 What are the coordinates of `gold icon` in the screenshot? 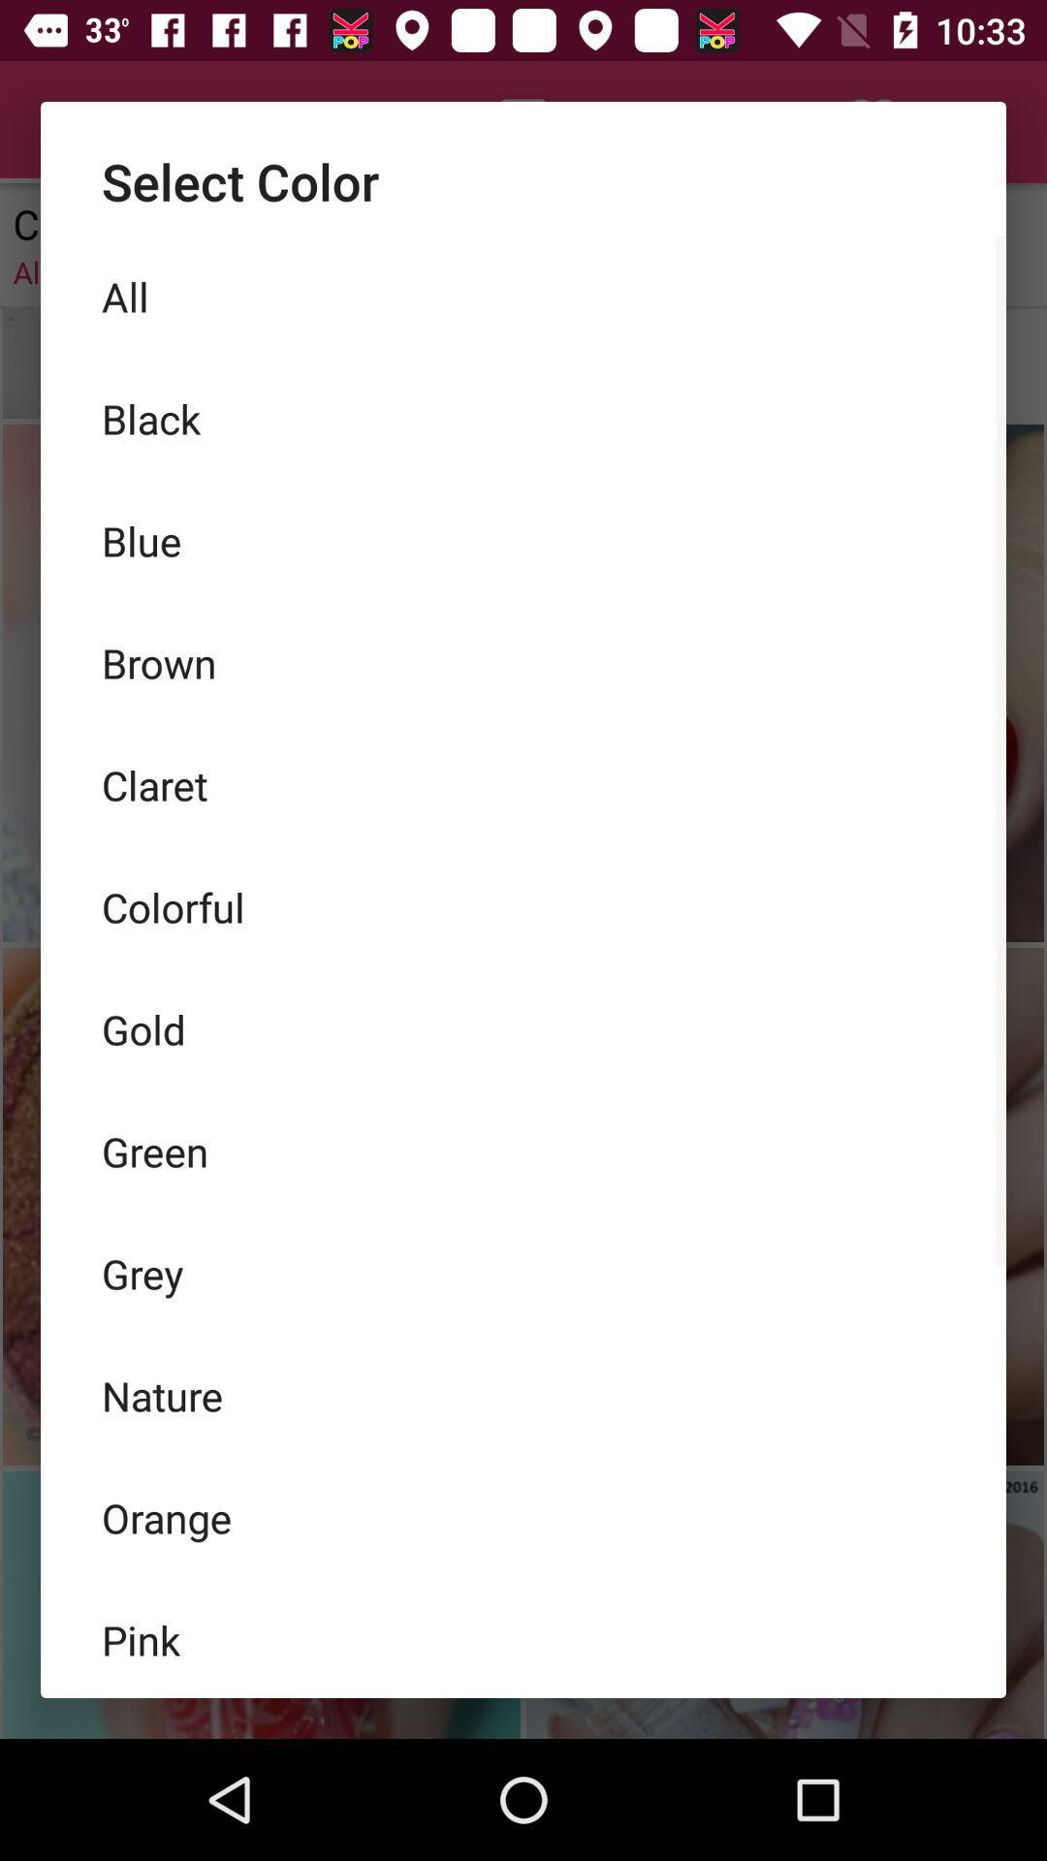 It's located at (523, 1027).